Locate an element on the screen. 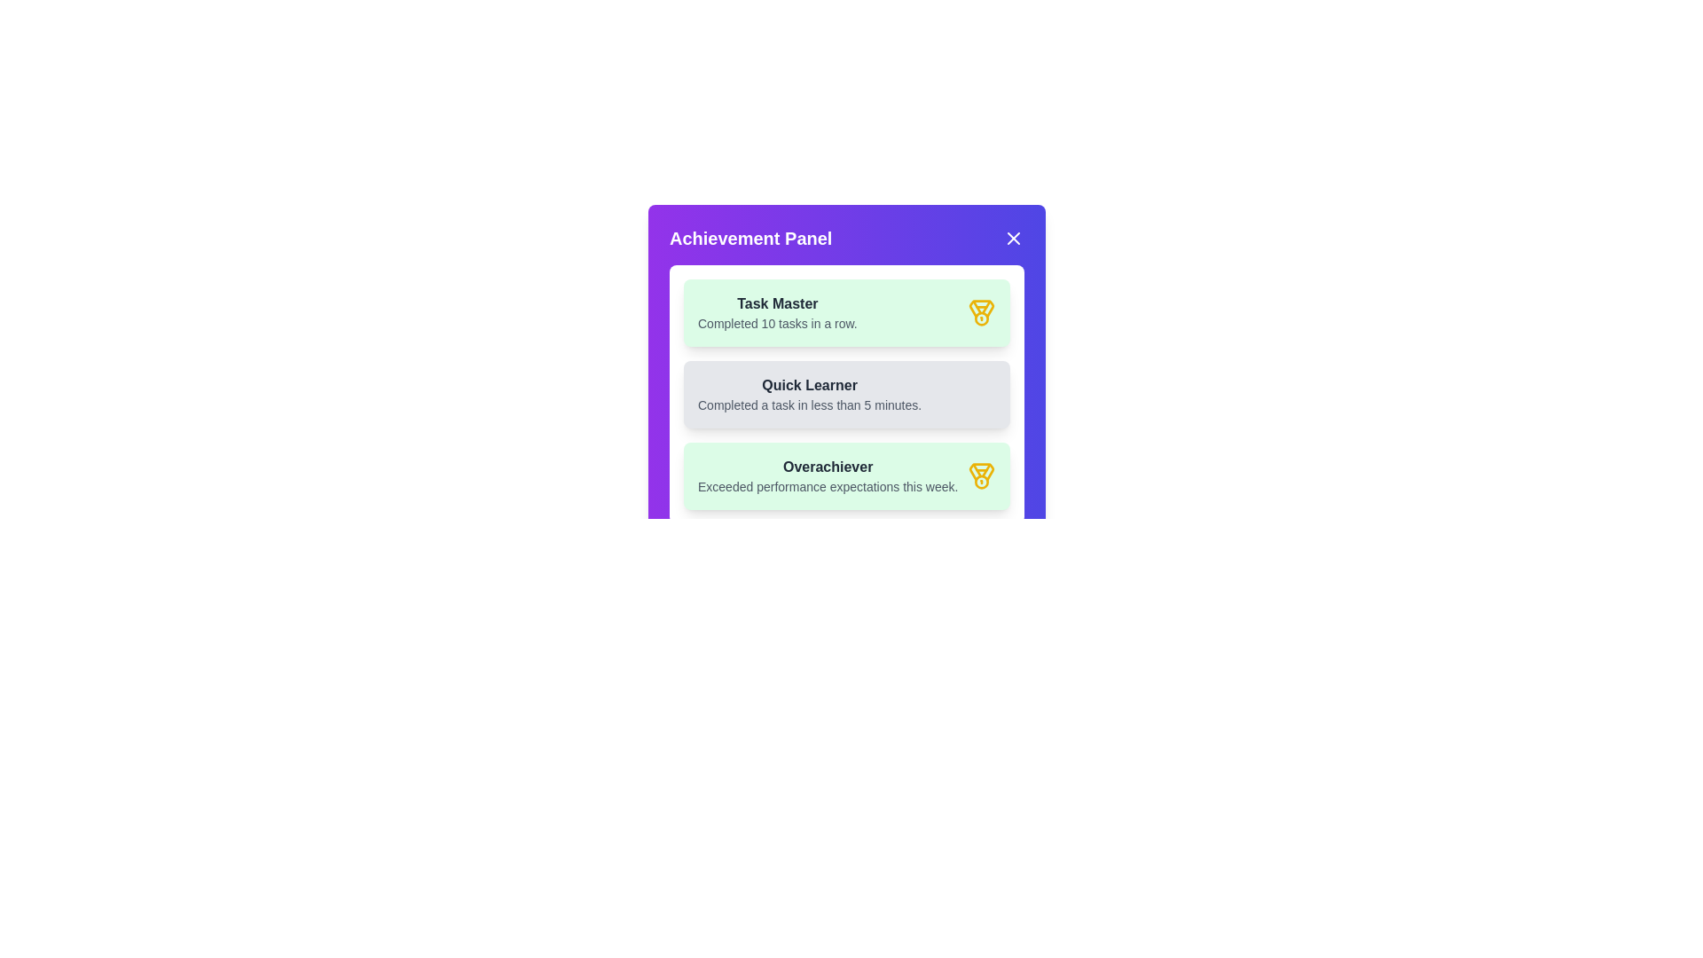 The height and width of the screenshot is (958, 1703). text 'Completed a task in less than 5 minutes.' which is styled in a small gray font and positioned below the bold label 'Quick Learner' within the light gray card in the Achievement Panel is located at coordinates (809, 404).